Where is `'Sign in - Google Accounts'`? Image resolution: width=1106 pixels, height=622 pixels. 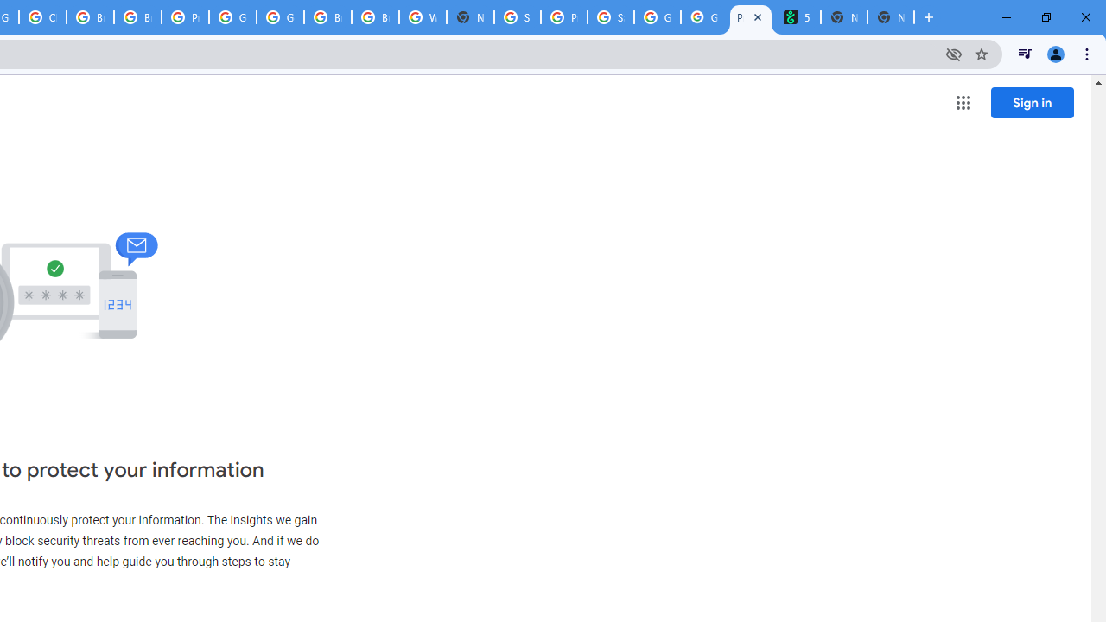
'Sign in - Google Accounts' is located at coordinates (517, 17).